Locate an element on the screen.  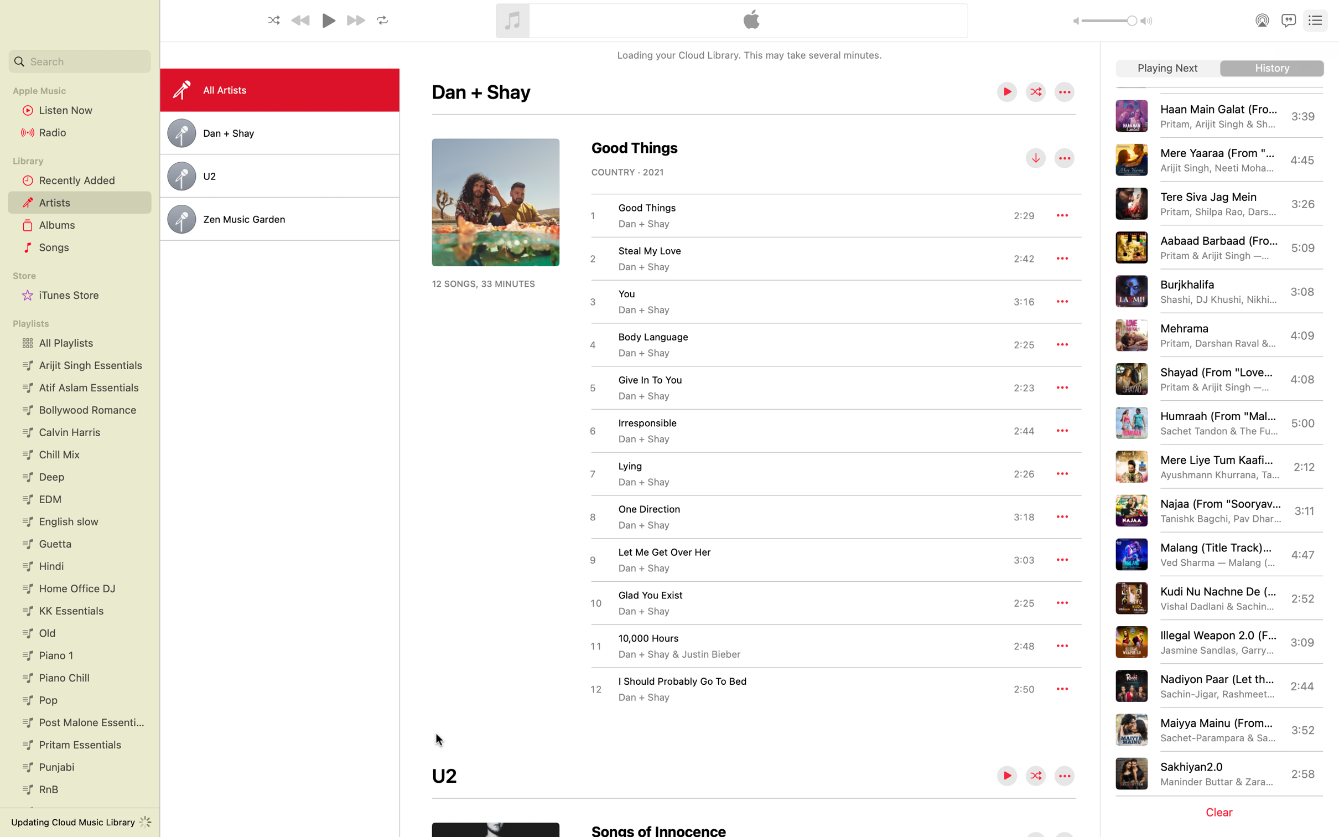
the more options menu for the song "Give In To You is located at coordinates (1062, 387).